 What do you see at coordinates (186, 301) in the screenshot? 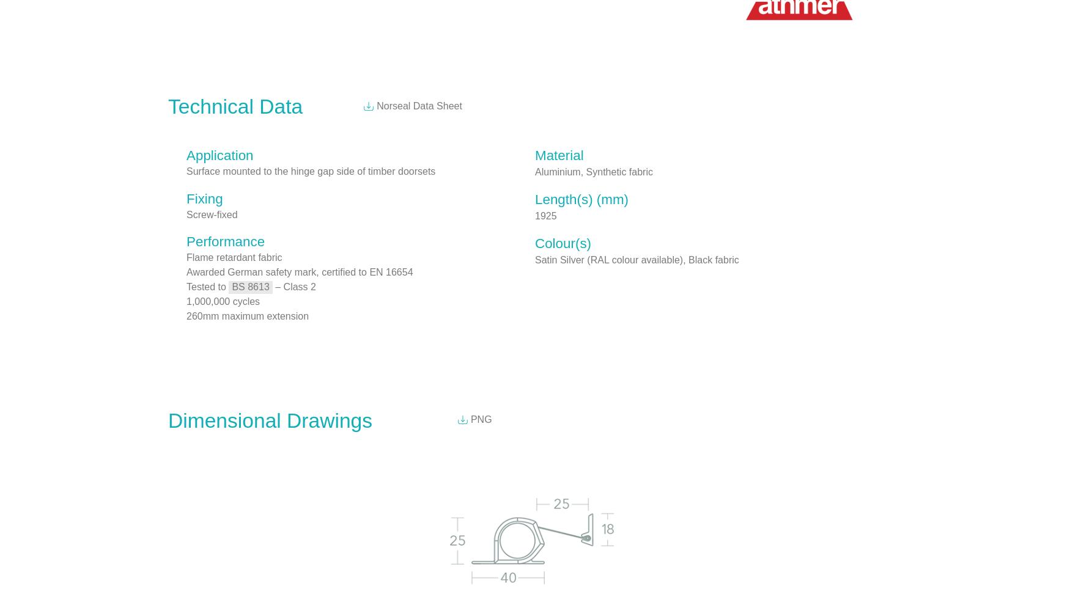
I see `'1,000,000 cycles'` at bounding box center [186, 301].